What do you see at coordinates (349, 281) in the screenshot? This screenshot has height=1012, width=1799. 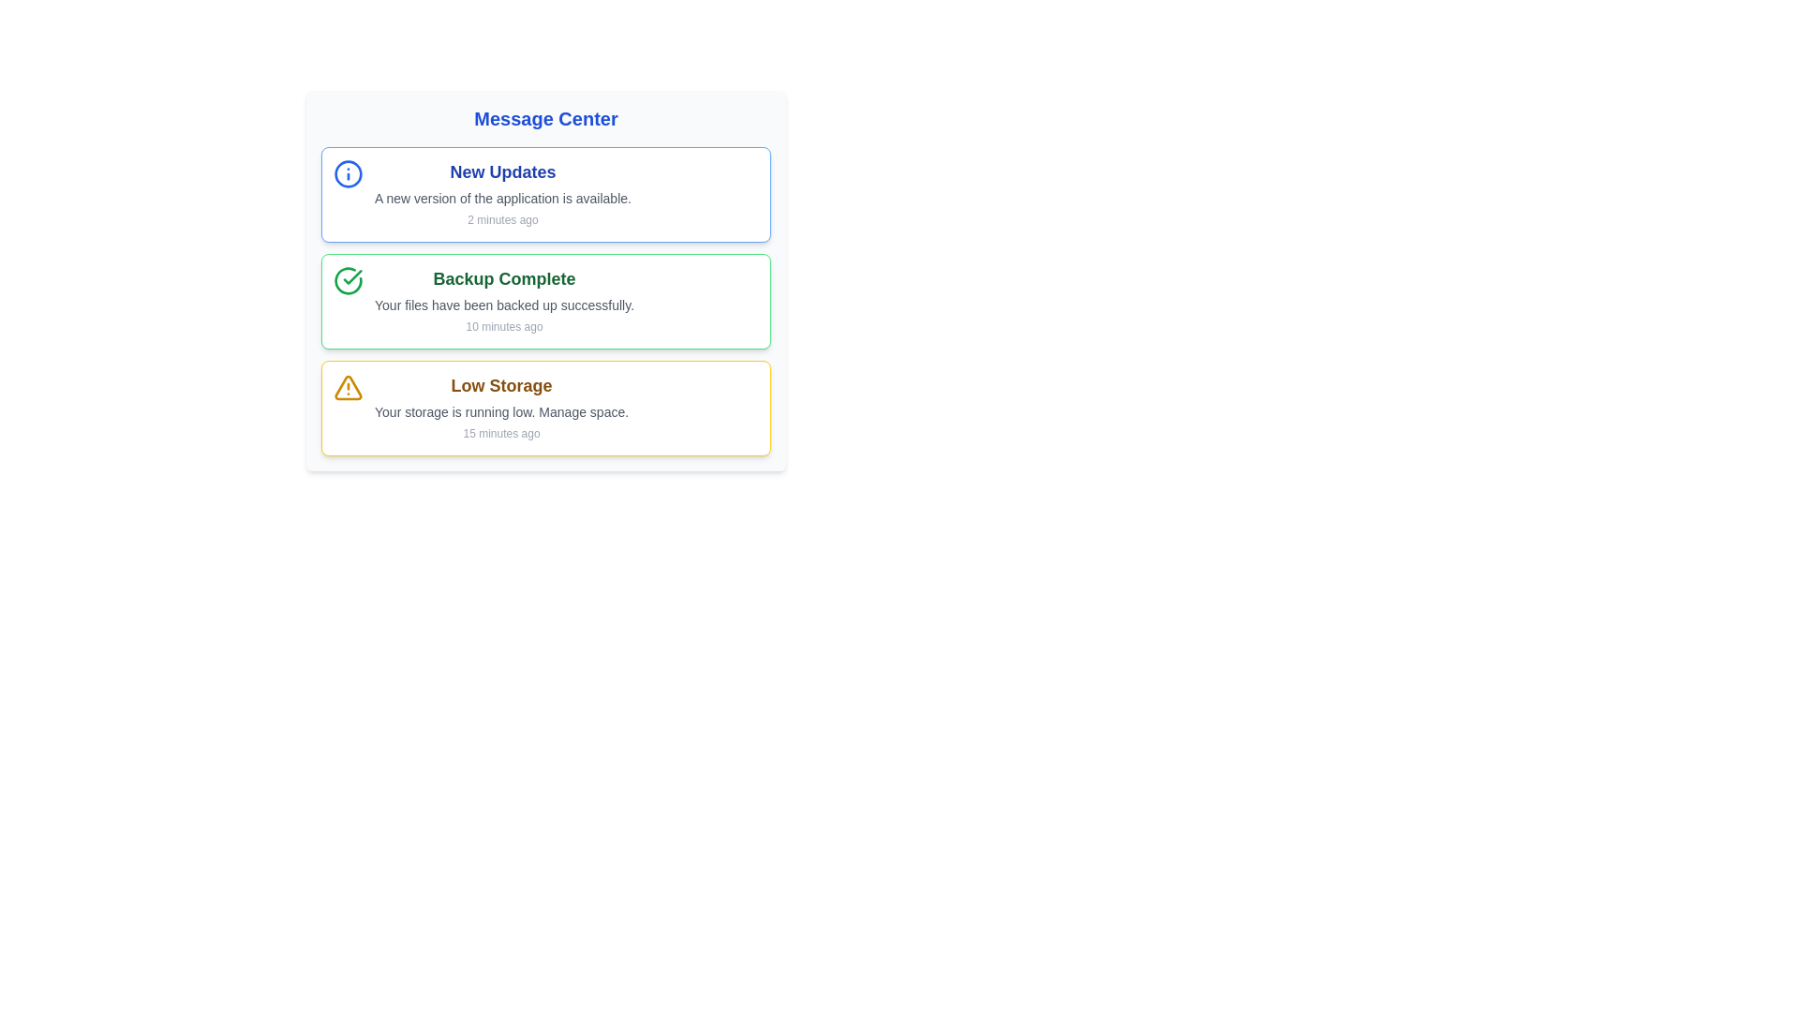 I see `the success icon indicating the completion of the backup process, located to the left of the 'Backup Complete' text in the message center interface` at bounding box center [349, 281].